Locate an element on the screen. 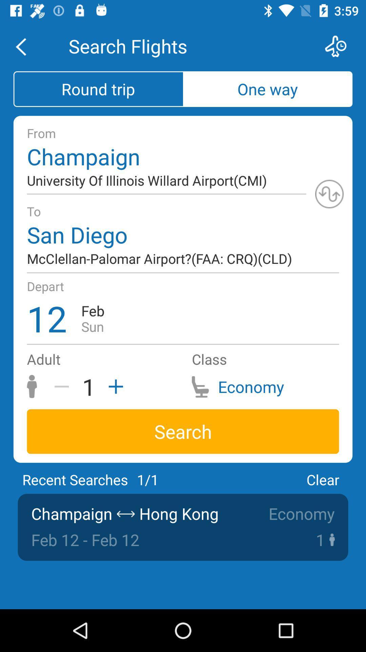 This screenshot has width=366, height=652. the add icon is located at coordinates (113, 386).